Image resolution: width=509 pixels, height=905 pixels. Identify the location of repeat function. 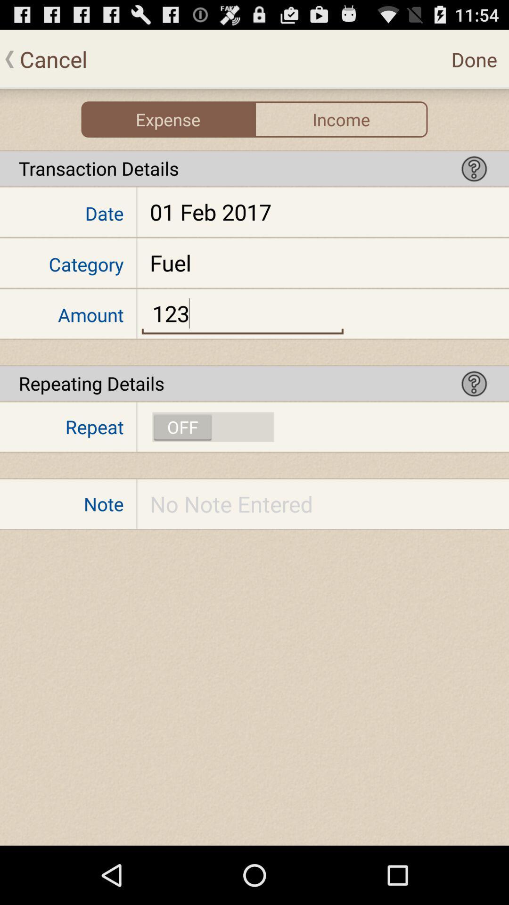
(213, 427).